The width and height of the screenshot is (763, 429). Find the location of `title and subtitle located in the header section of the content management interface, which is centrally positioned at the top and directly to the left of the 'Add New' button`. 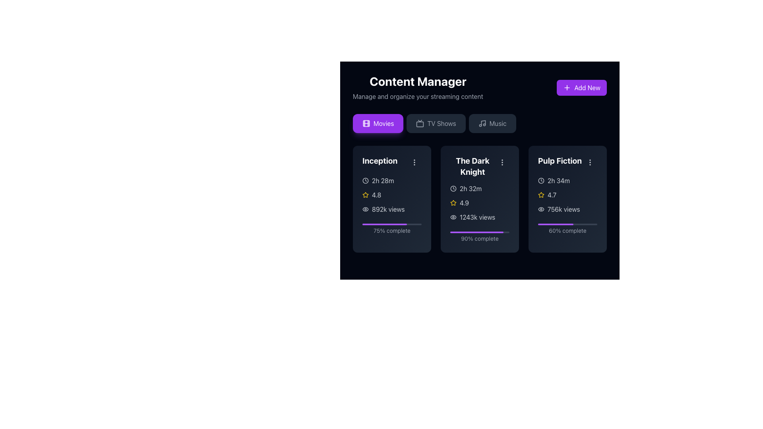

title and subtitle located in the header section of the content management interface, which is centrally positioned at the top and directly to the left of the 'Add New' button is located at coordinates (417, 87).